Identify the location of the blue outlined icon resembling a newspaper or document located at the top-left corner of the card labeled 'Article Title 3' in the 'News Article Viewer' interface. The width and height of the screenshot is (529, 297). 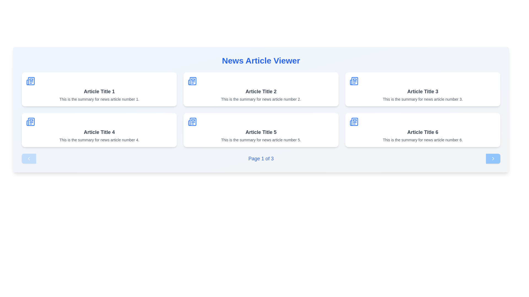
(354, 81).